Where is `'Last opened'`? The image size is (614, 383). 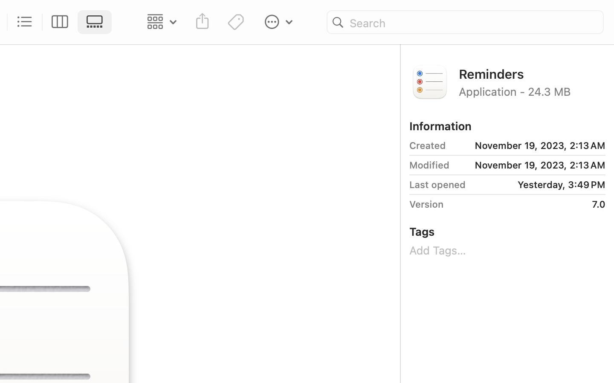 'Last opened' is located at coordinates (437, 184).